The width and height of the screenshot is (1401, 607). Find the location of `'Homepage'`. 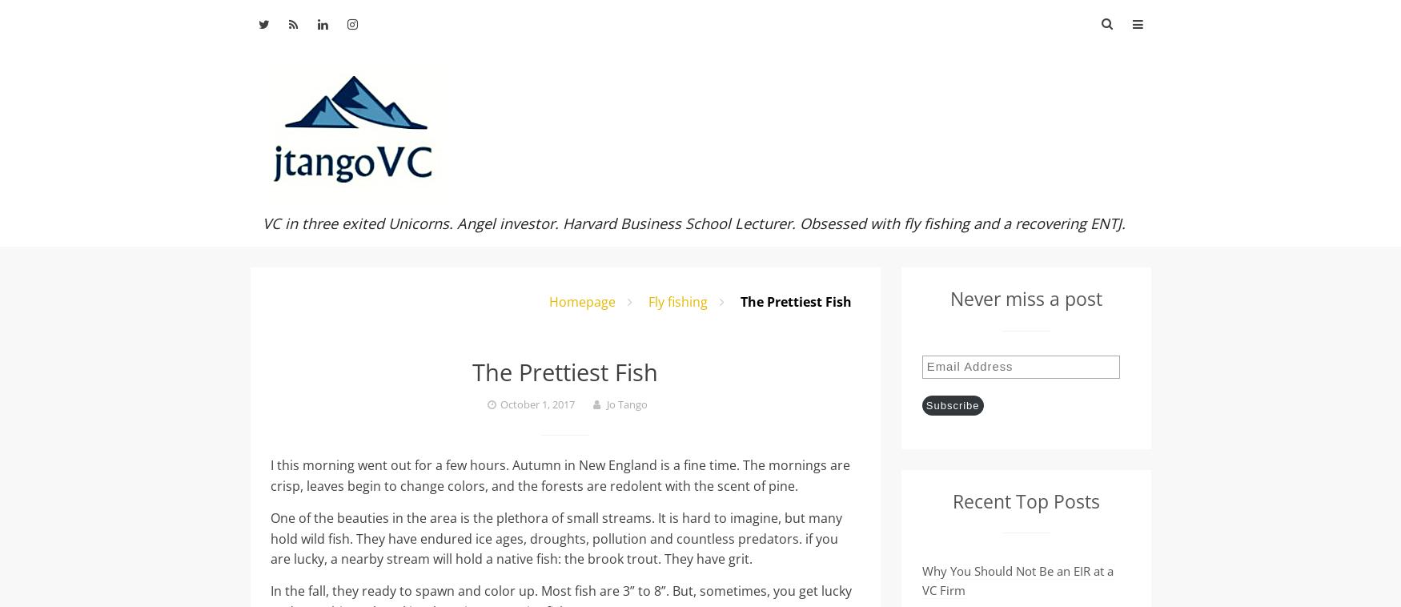

'Homepage' is located at coordinates (548, 302).